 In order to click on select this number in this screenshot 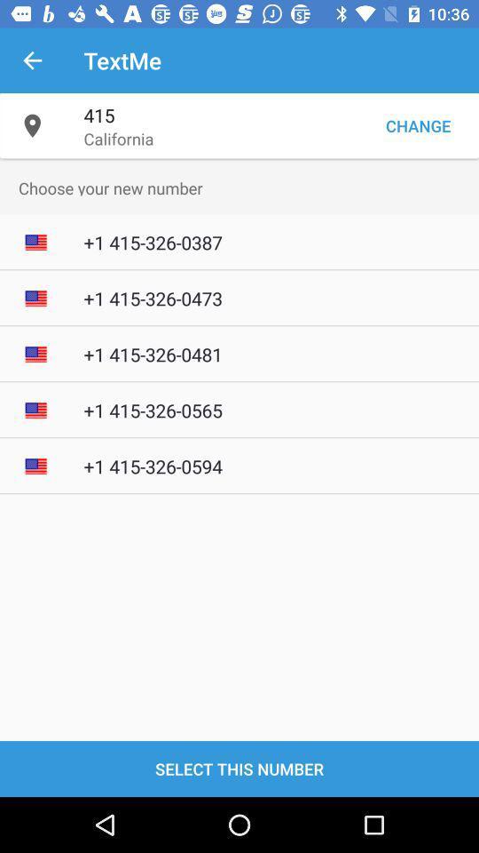, I will do `click(239, 768)`.